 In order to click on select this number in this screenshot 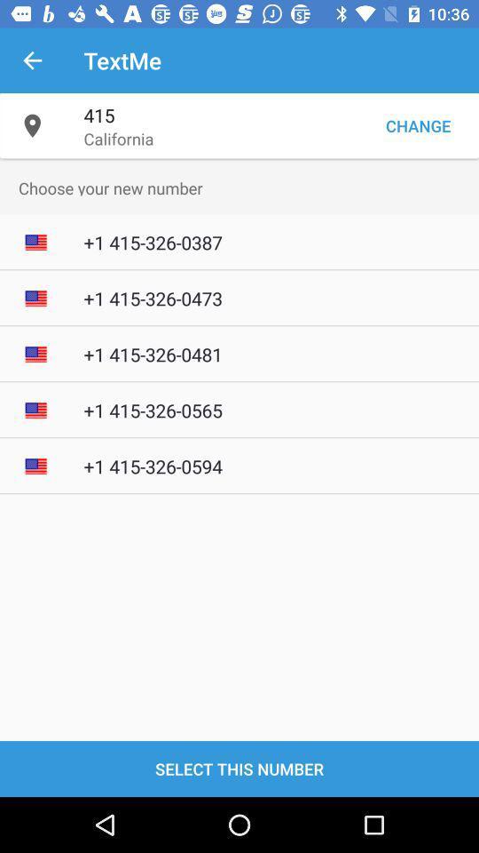, I will do `click(239, 768)`.